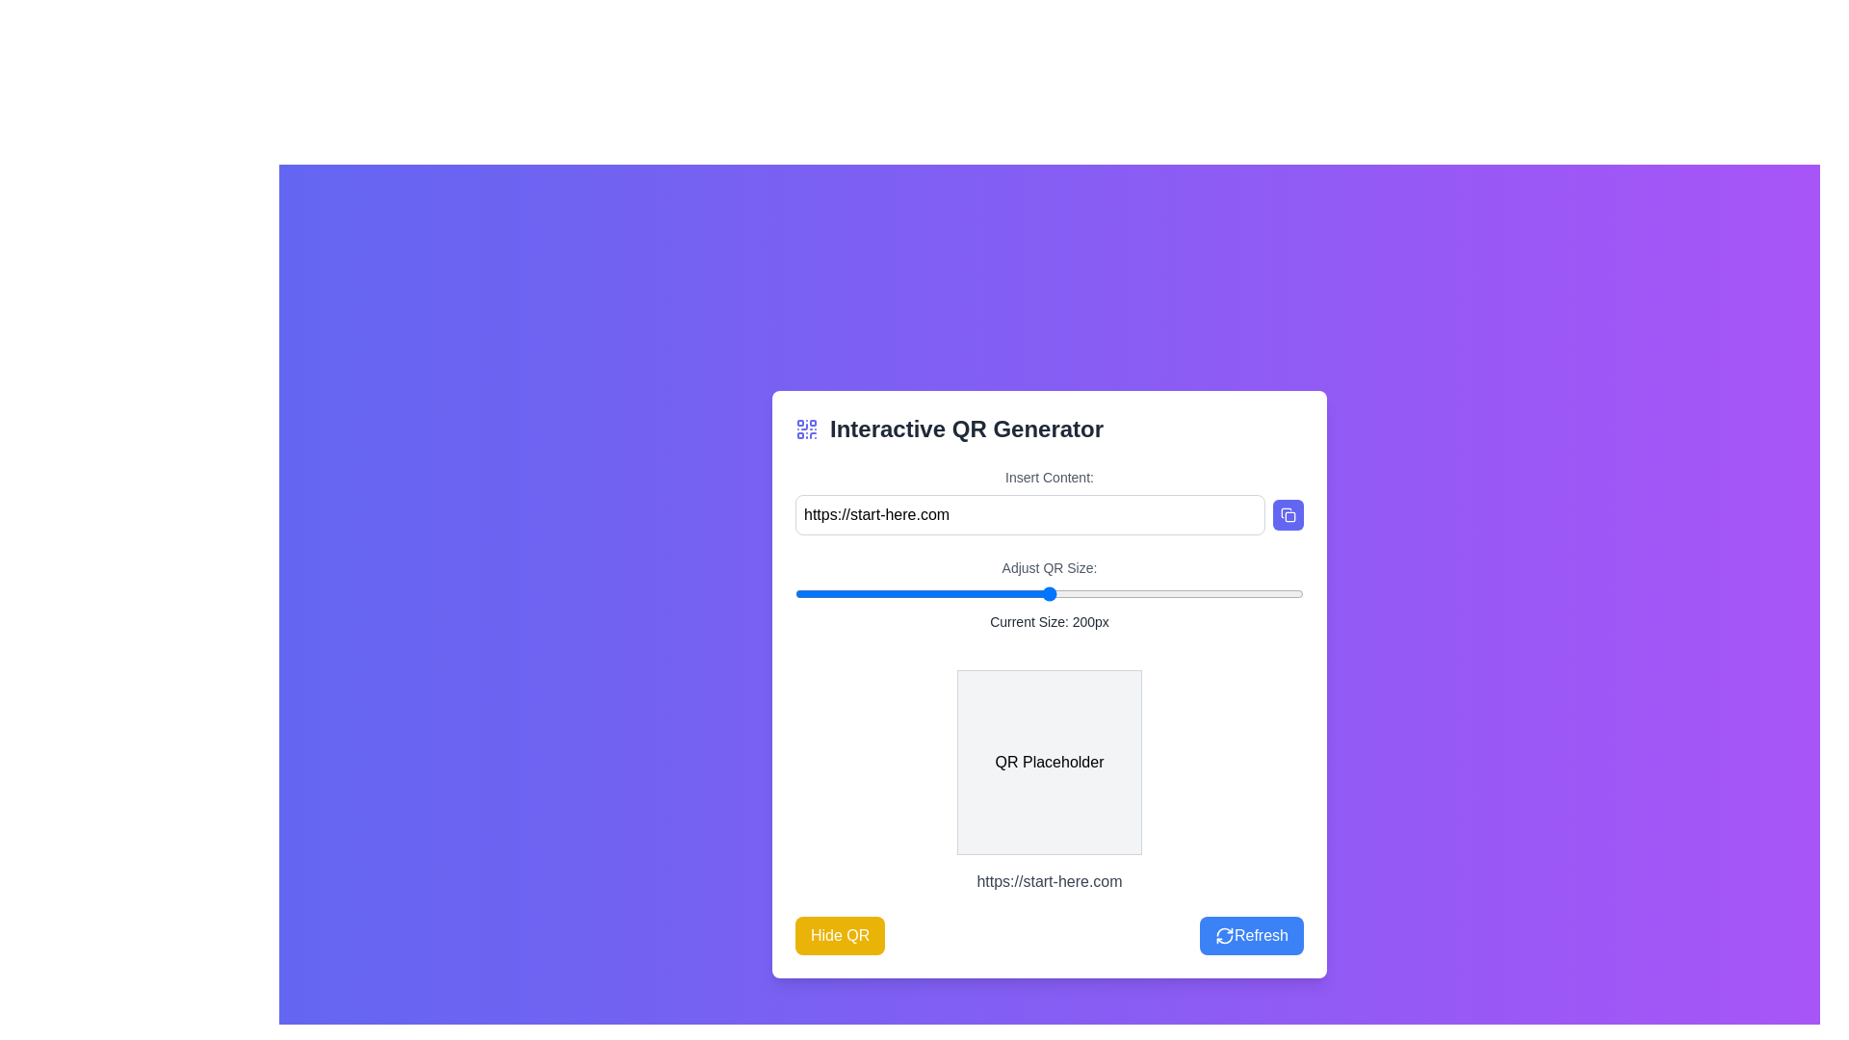  I want to click on the small rounded rectangle SVG icon that is part of the copy-like shape located to the right of the 'Insert Content' text input field, so click(1289, 515).